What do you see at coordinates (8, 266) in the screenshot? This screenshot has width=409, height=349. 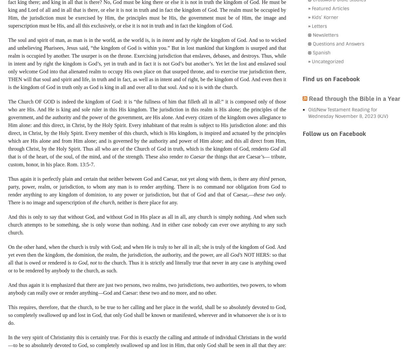 I see `'to the church. Thus it is strictly and literally true that never in any case is anything owed or to be rendered by anybody to the church, as such.'` at bounding box center [8, 266].